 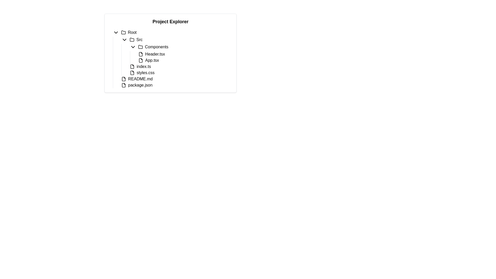 I want to click on the 'Root' text label in the header row of the tree-view interface, so click(x=132, y=33).